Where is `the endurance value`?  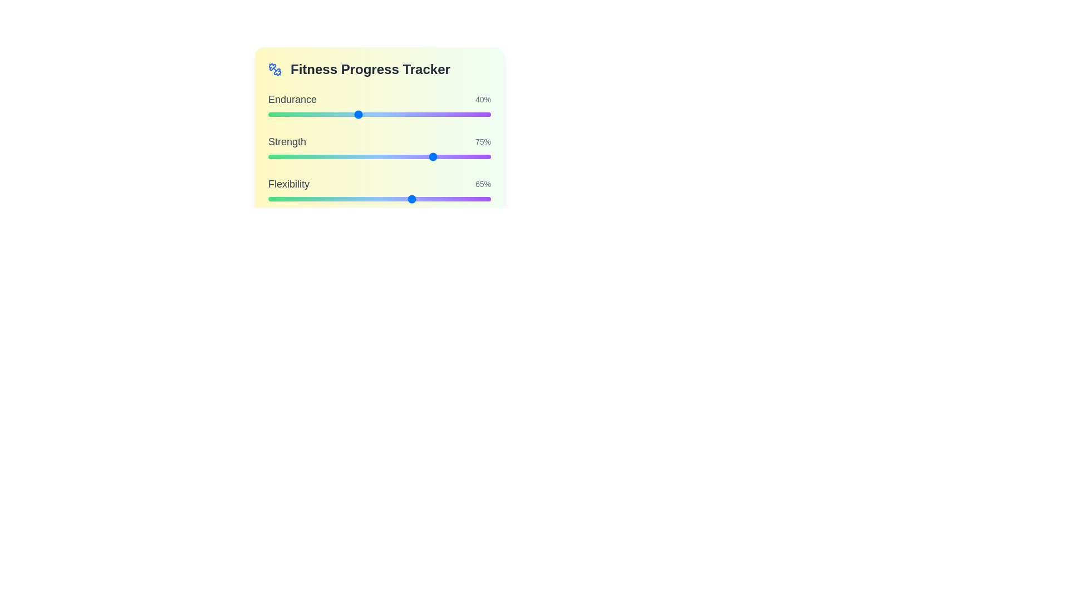 the endurance value is located at coordinates (323, 114).